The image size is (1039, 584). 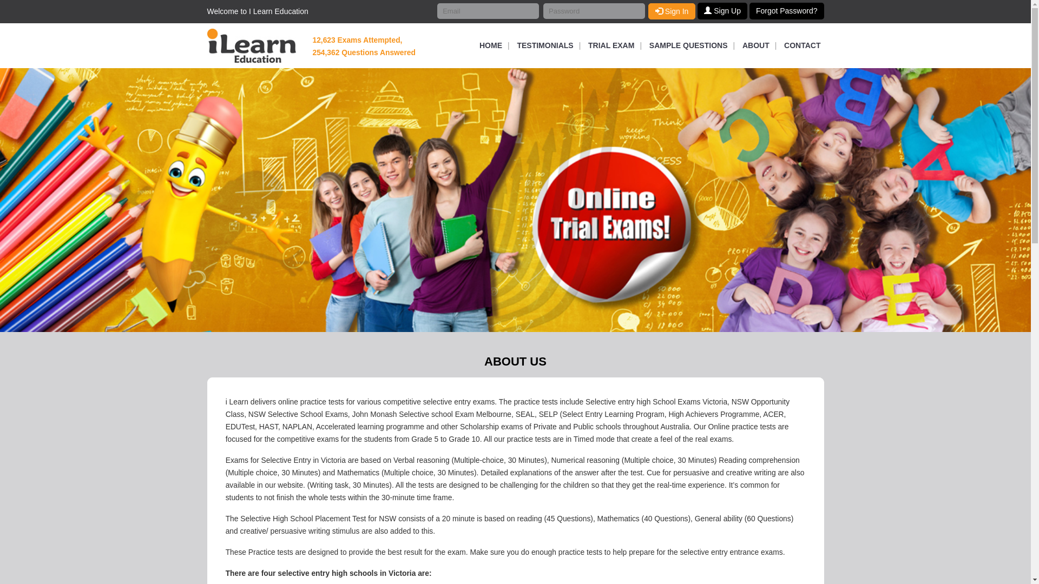 I want to click on 'Sign In', so click(x=671, y=11).